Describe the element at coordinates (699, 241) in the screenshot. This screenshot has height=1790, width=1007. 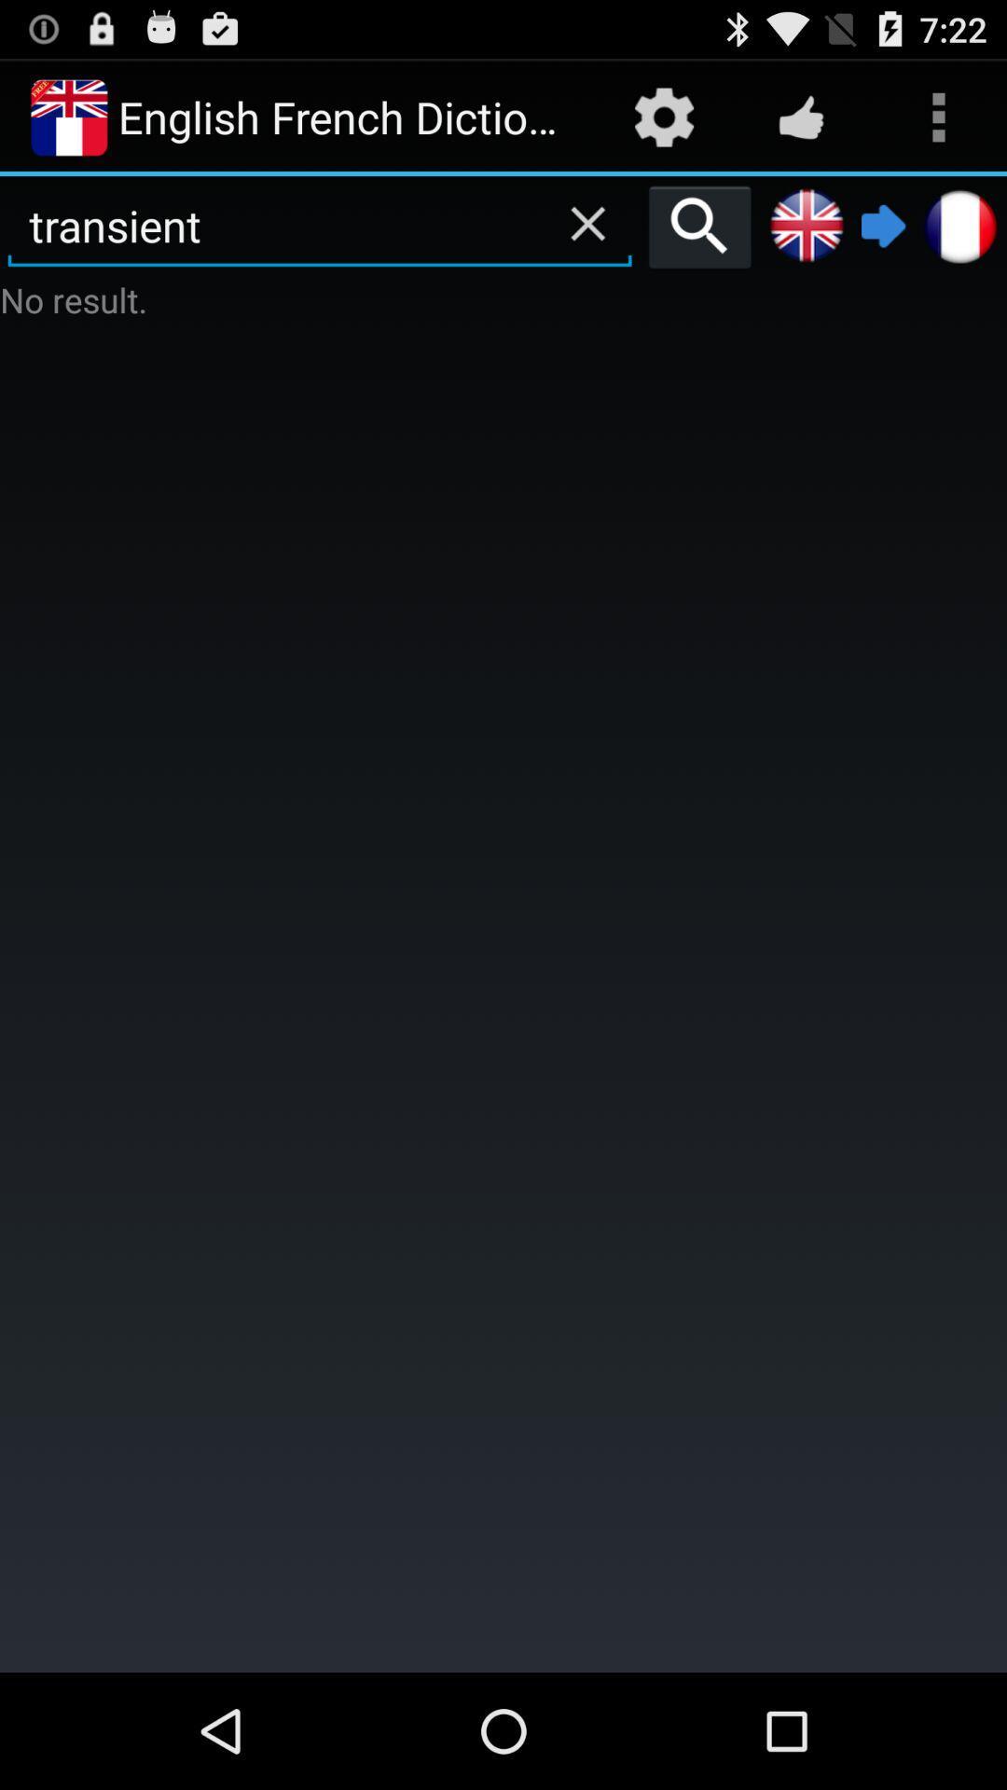
I see `the search icon` at that location.